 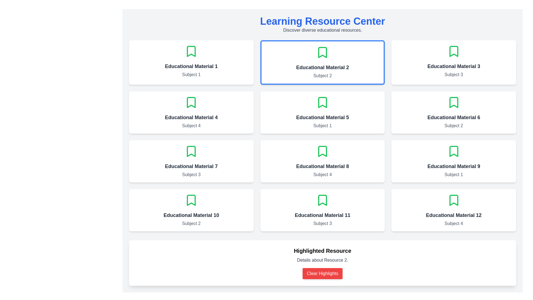 I want to click on the text label that serves as the title for the card, located in the third row, first column of the grid layout, between the green bookmark icon and the text 'Subject 3', so click(x=191, y=166).